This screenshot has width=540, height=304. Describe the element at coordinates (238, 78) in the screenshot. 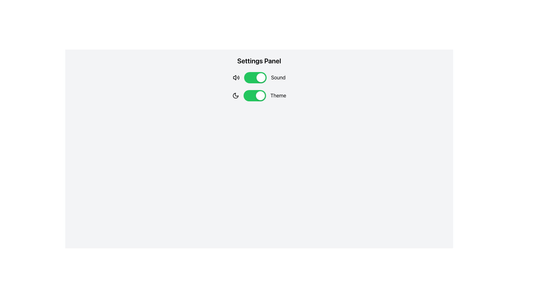

I see `the sound wave icon fragment, which is the third arc in the volume icon, positioned to the far right of the other two arcs` at that location.